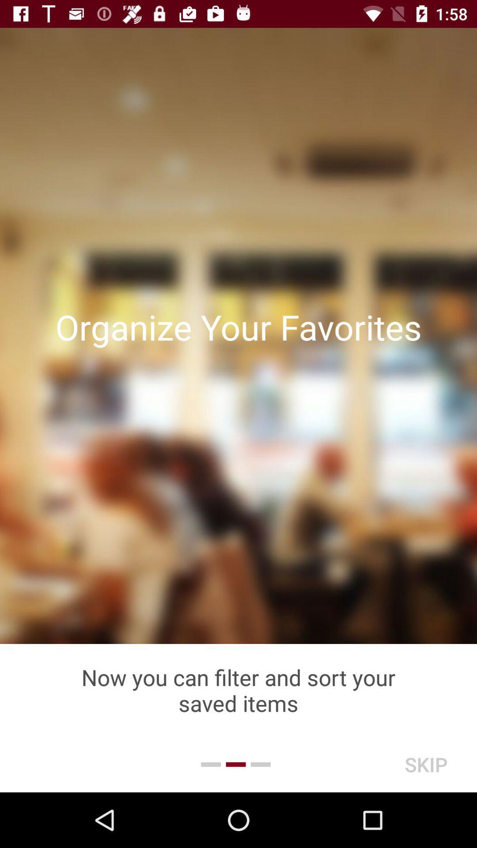 This screenshot has width=477, height=848. Describe the element at coordinates (425, 764) in the screenshot. I see `the skip` at that location.